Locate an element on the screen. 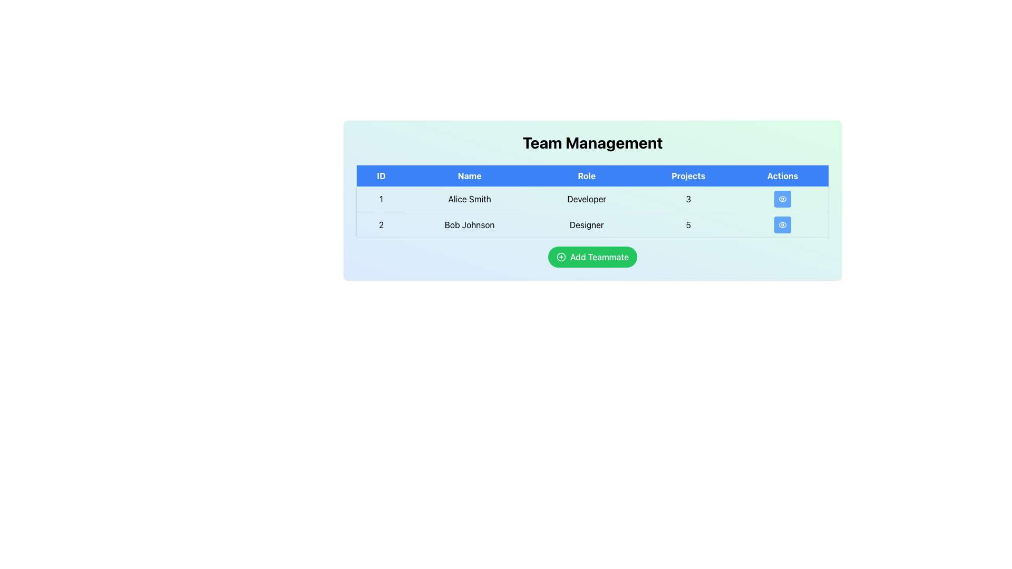 The height and width of the screenshot is (569, 1012). the static text label indicating 'Developer' in the third column of the first row of the table, adjacent to 'Alice Smith' is located at coordinates (586, 199).